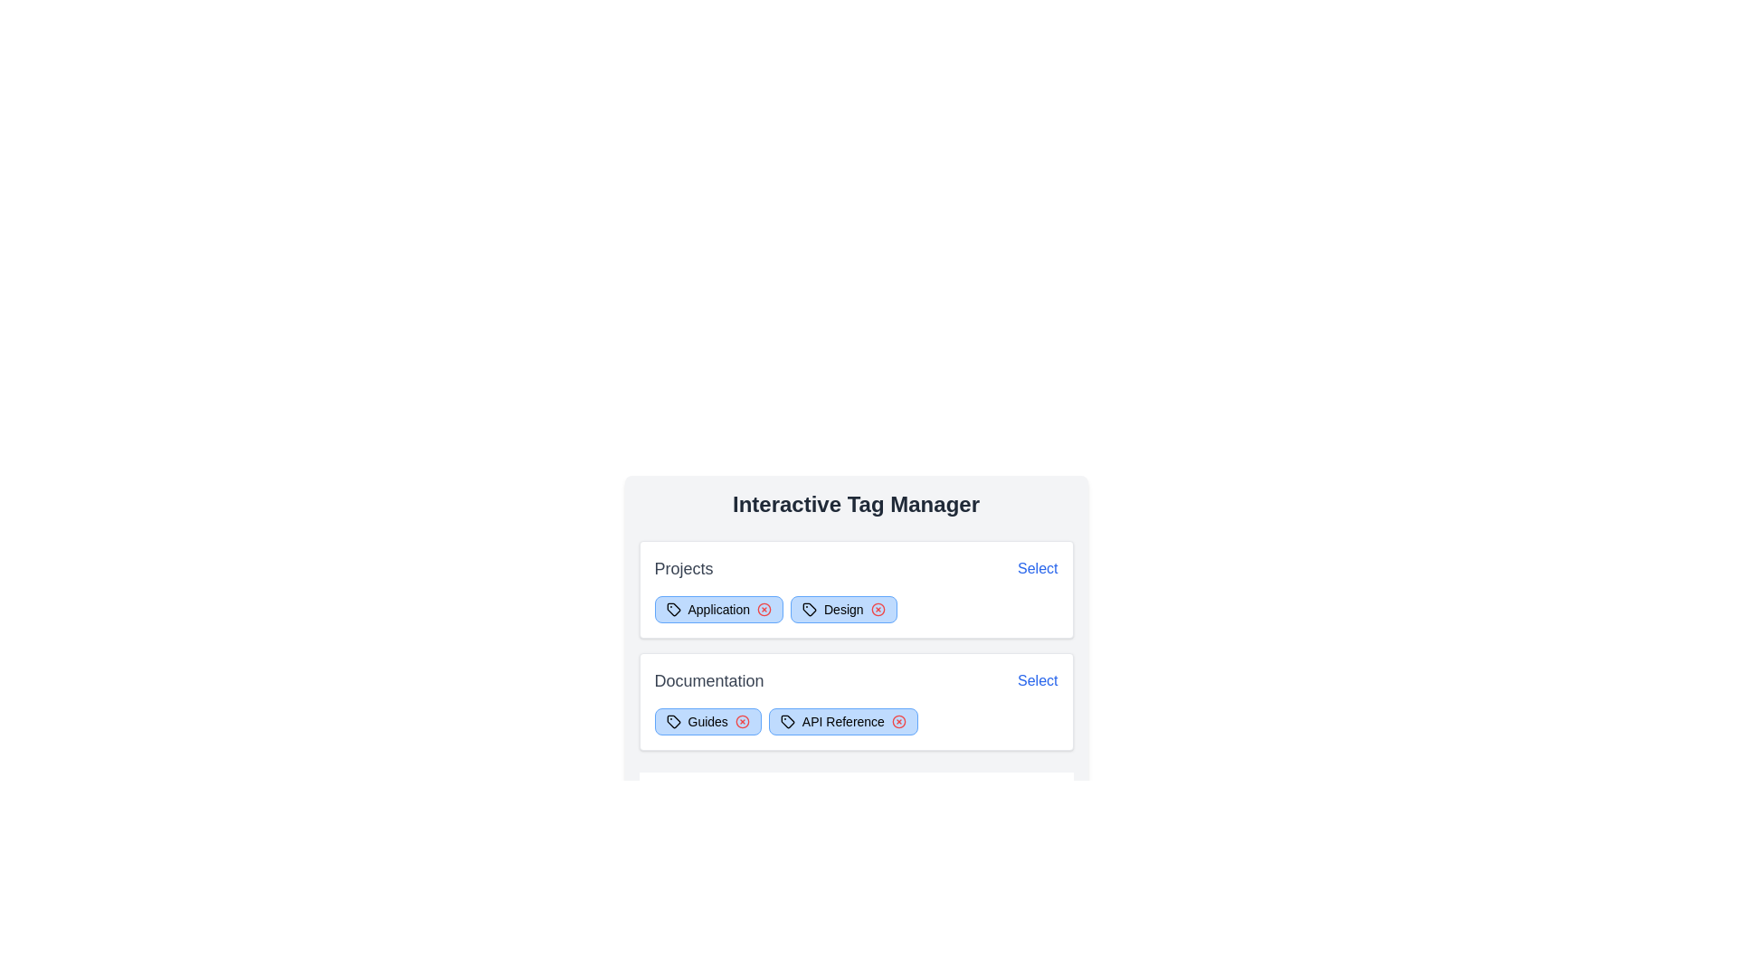  I want to click on the circular icon with a diagonal cross inside the 'Guides' tag, located in the 'Documentation' section of the interface, so click(742, 721).